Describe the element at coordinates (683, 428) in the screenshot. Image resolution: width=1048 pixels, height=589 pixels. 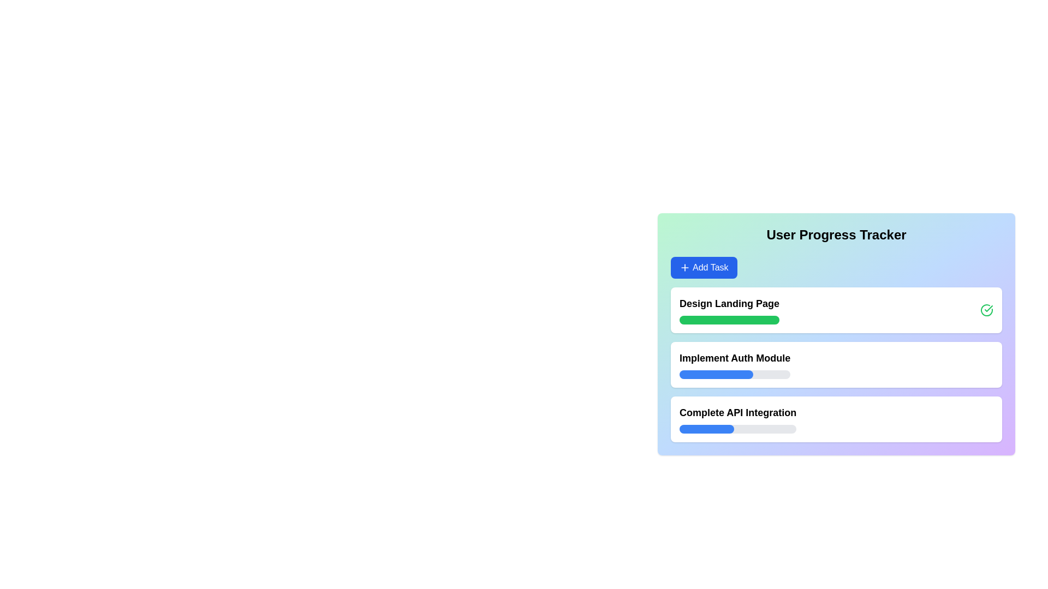
I see `the progress bar completion` at that location.